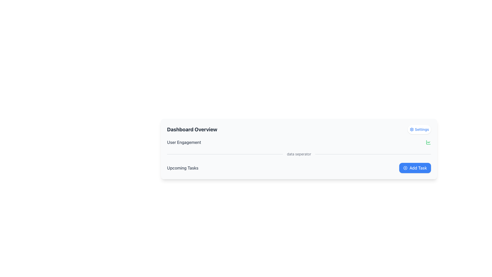  I want to click on the static text header that provides context for the content displayed below it, located to the far left within a horizontal layout, so click(192, 129).